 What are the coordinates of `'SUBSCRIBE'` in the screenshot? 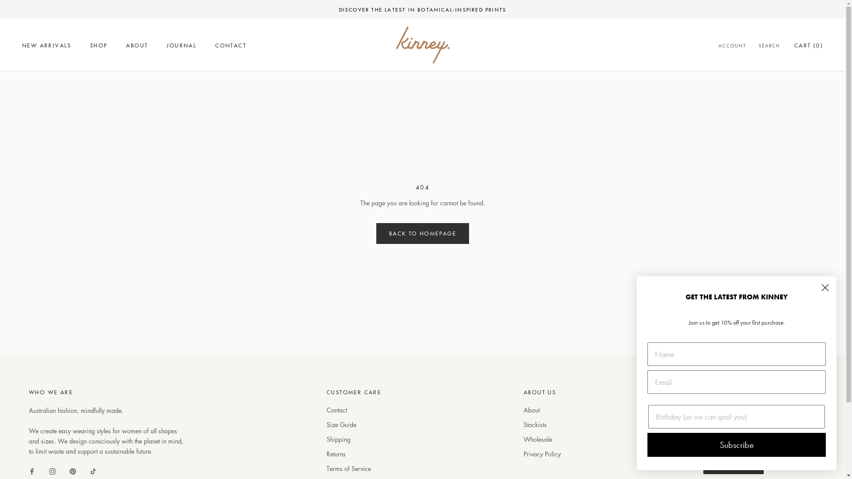 It's located at (702, 463).